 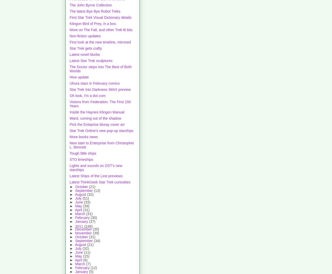 What do you see at coordinates (69, 60) in the screenshot?
I see `'Latest Star Trek sculptures'` at bounding box center [69, 60].